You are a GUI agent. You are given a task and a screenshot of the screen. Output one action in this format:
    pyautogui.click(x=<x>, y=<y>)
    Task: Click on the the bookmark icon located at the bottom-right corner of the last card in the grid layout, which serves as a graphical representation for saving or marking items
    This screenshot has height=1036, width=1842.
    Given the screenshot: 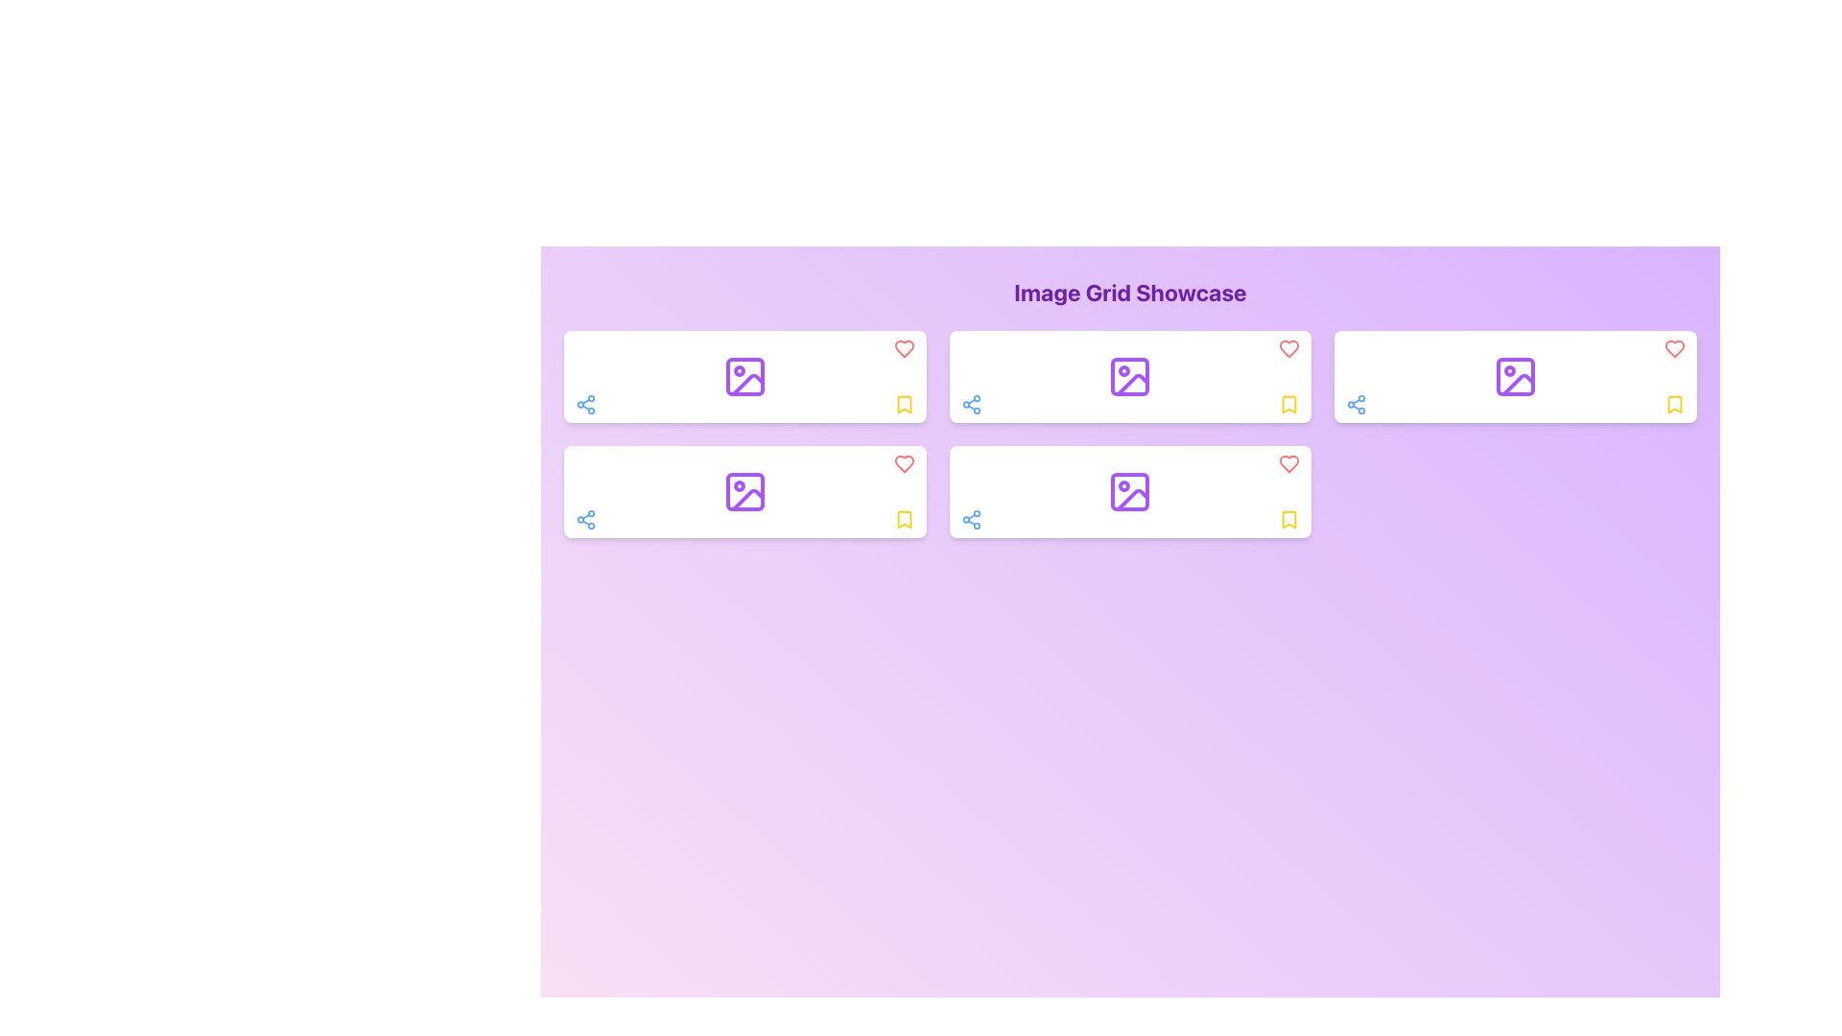 What is the action you would take?
    pyautogui.click(x=1674, y=403)
    